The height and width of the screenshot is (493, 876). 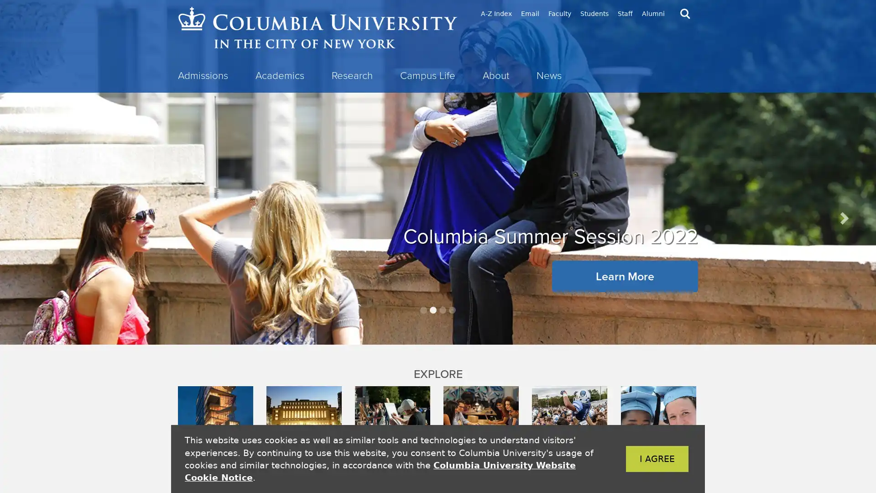 I want to click on Next, so click(x=843, y=218).